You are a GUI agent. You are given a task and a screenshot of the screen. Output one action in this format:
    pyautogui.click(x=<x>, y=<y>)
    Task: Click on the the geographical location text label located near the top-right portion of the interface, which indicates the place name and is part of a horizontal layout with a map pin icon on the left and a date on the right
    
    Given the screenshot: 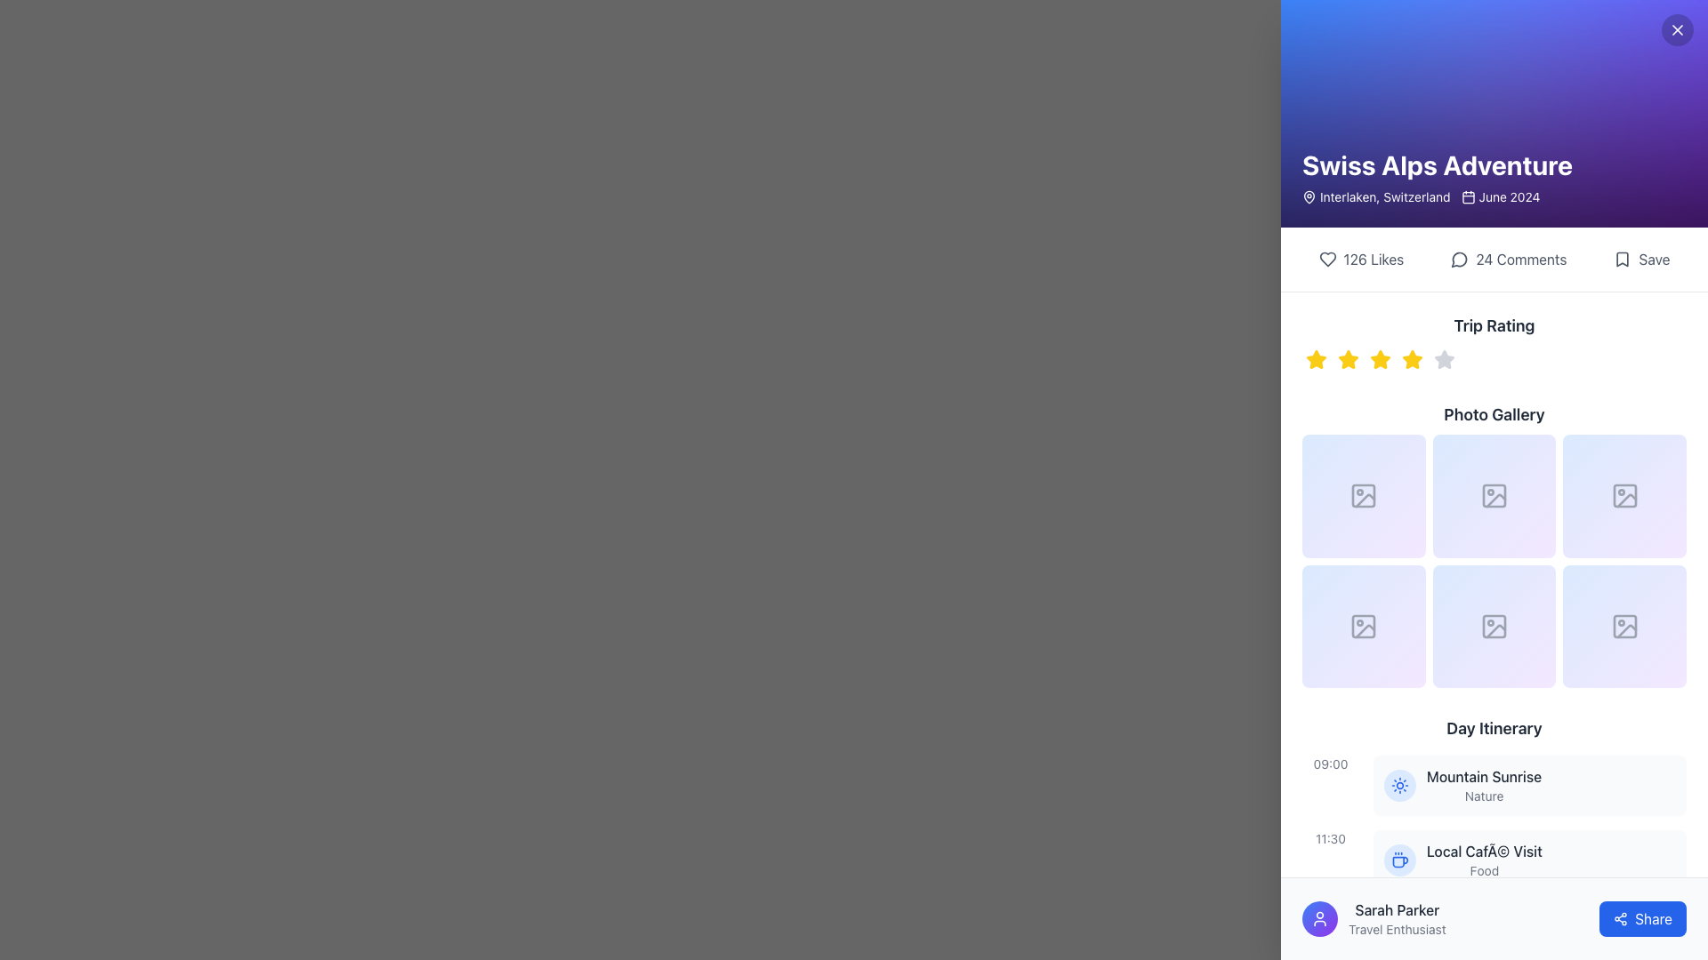 What is the action you would take?
    pyautogui.click(x=1375, y=197)
    